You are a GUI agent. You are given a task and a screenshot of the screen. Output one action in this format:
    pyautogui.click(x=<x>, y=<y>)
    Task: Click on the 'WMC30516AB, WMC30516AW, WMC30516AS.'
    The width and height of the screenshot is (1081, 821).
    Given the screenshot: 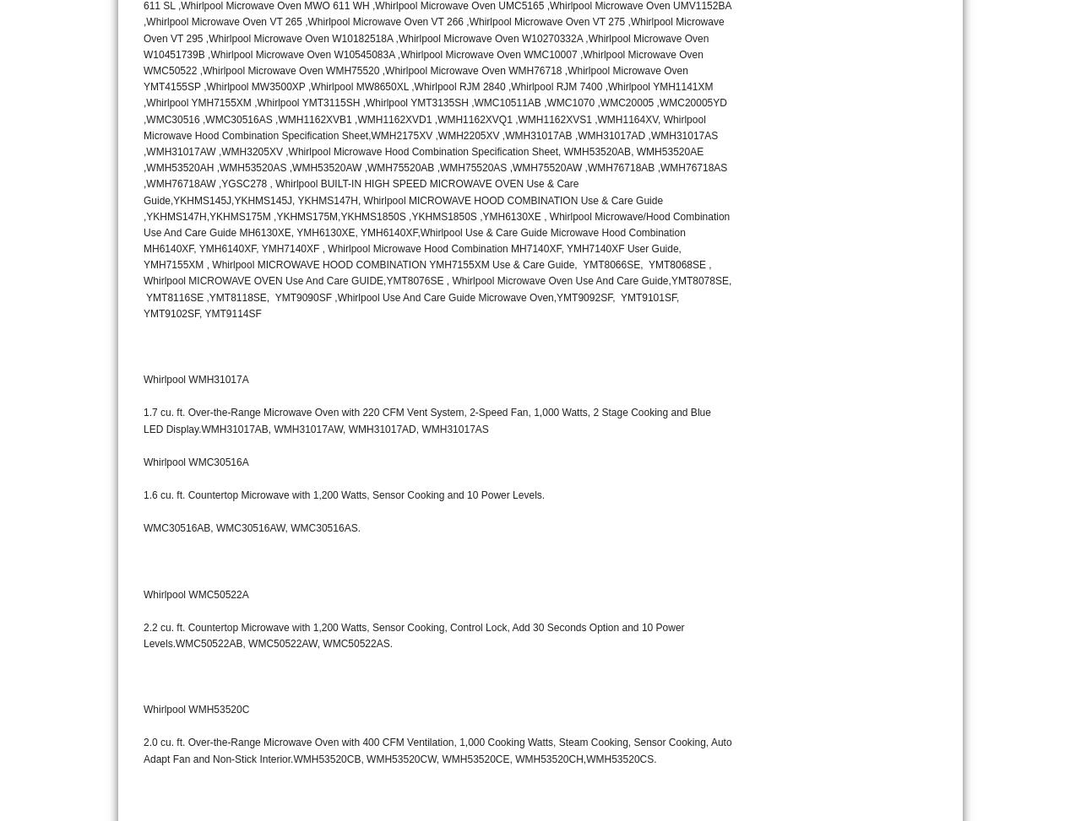 What is the action you would take?
    pyautogui.click(x=250, y=528)
    